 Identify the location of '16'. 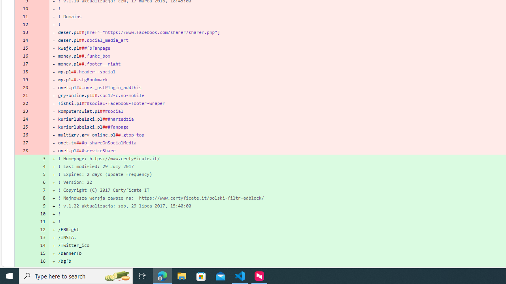
(40, 261).